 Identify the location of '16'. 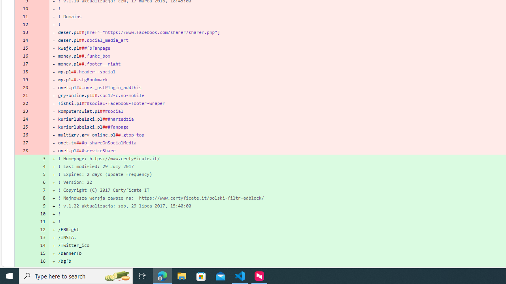
(40, 261).